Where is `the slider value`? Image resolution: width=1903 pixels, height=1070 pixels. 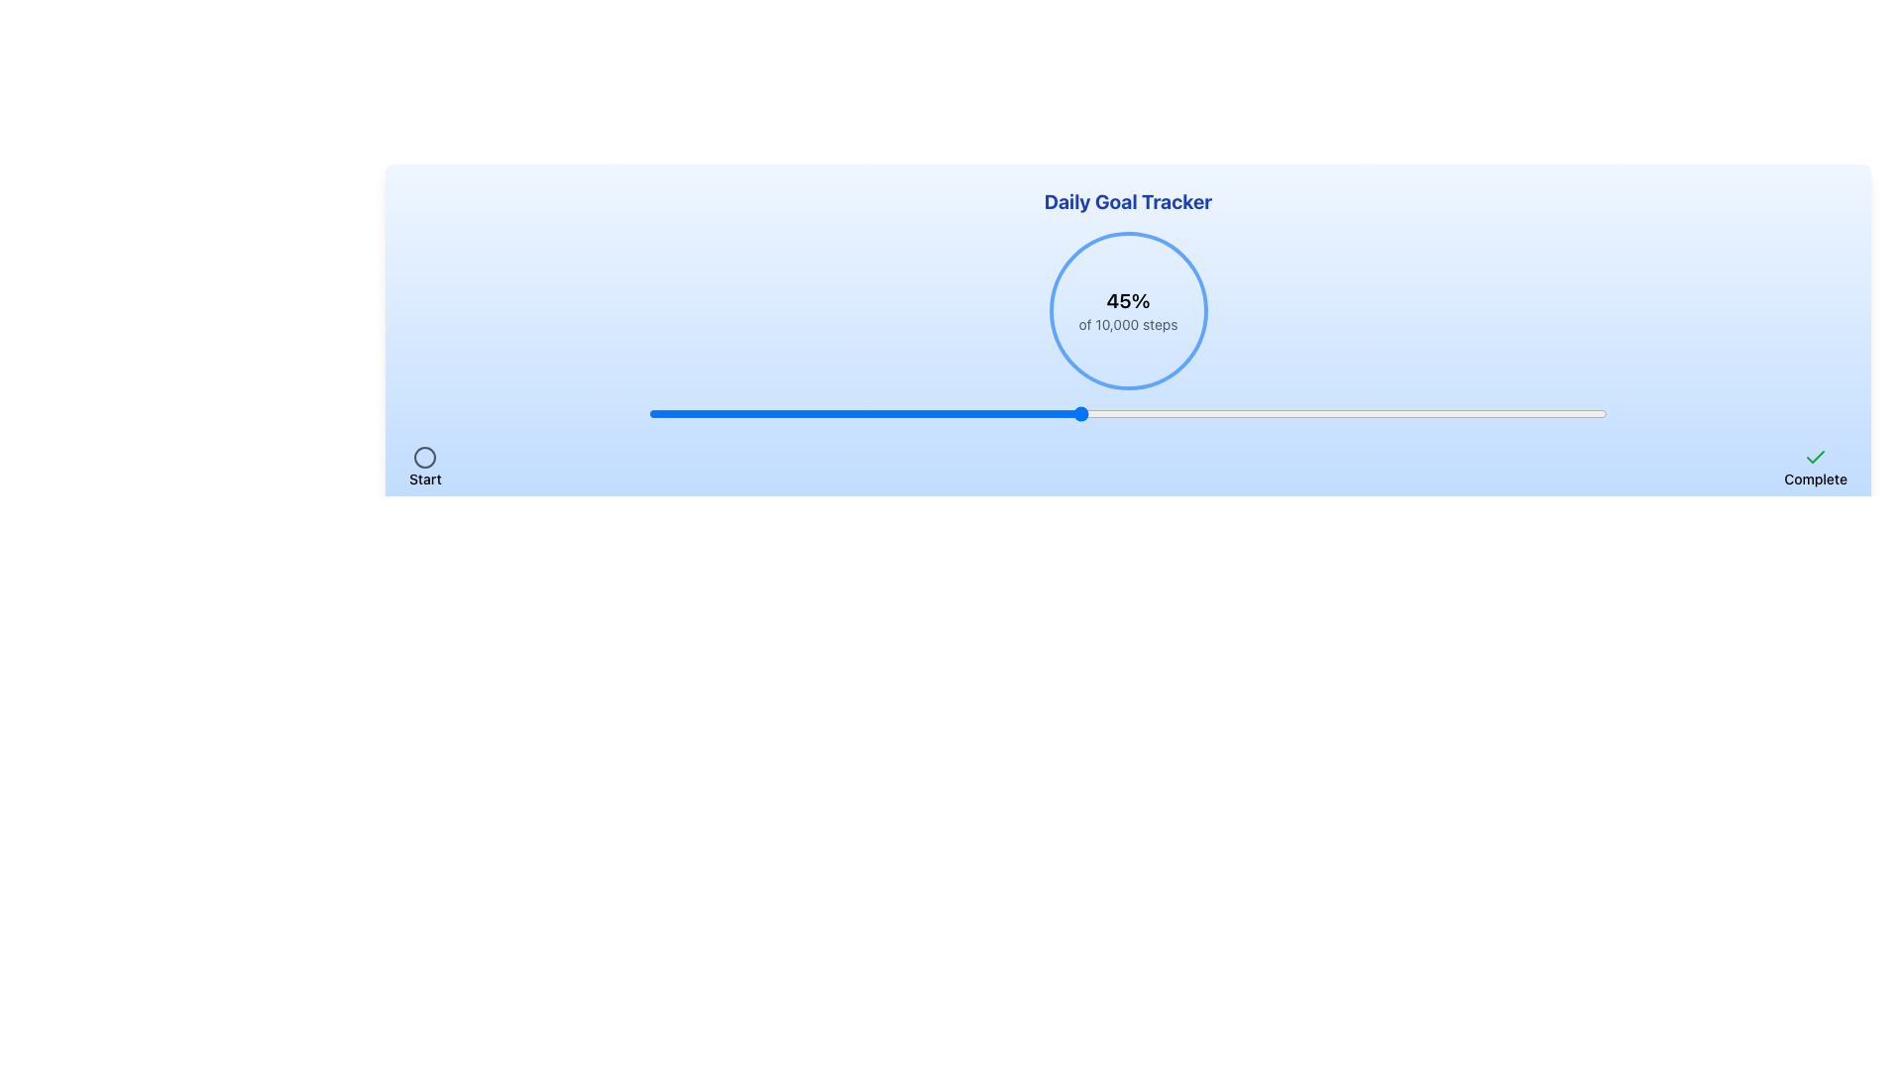 the slider value is located at coordinates (762, 412).